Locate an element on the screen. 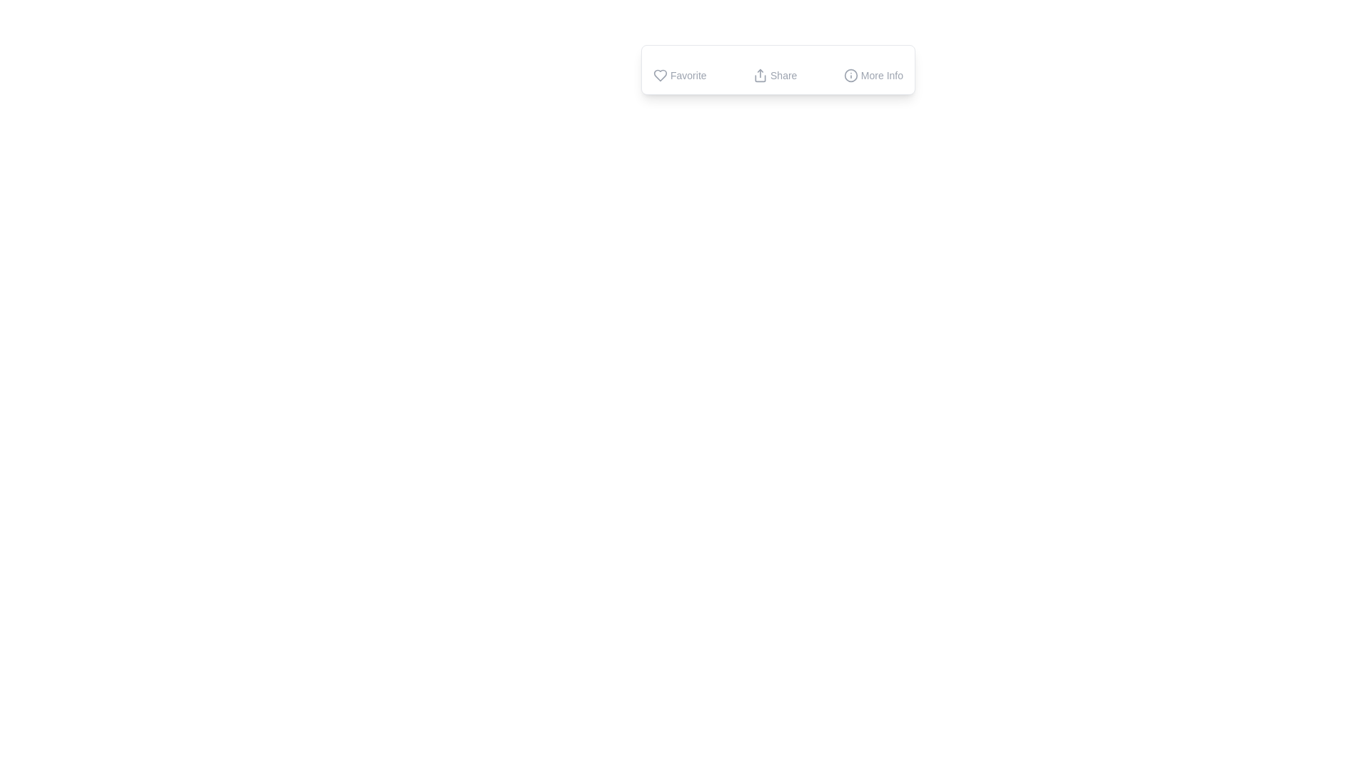  the 'Favorite' icon is located at coordinates (660, 75).